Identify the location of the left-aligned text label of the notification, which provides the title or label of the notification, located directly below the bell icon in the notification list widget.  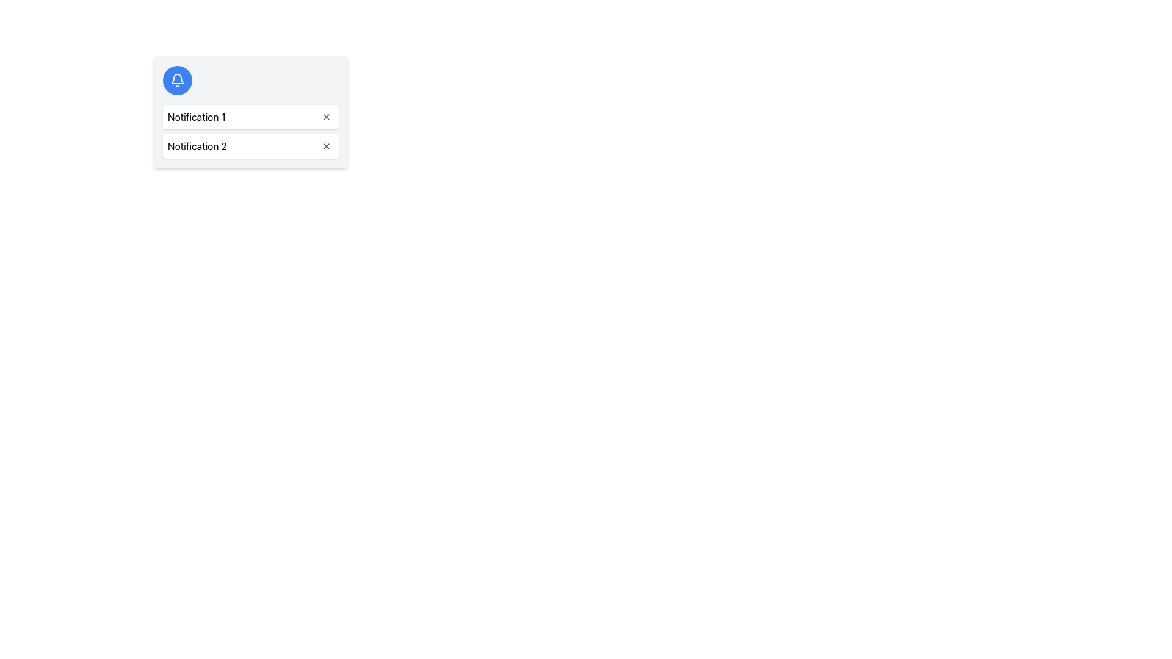
(197, 117).